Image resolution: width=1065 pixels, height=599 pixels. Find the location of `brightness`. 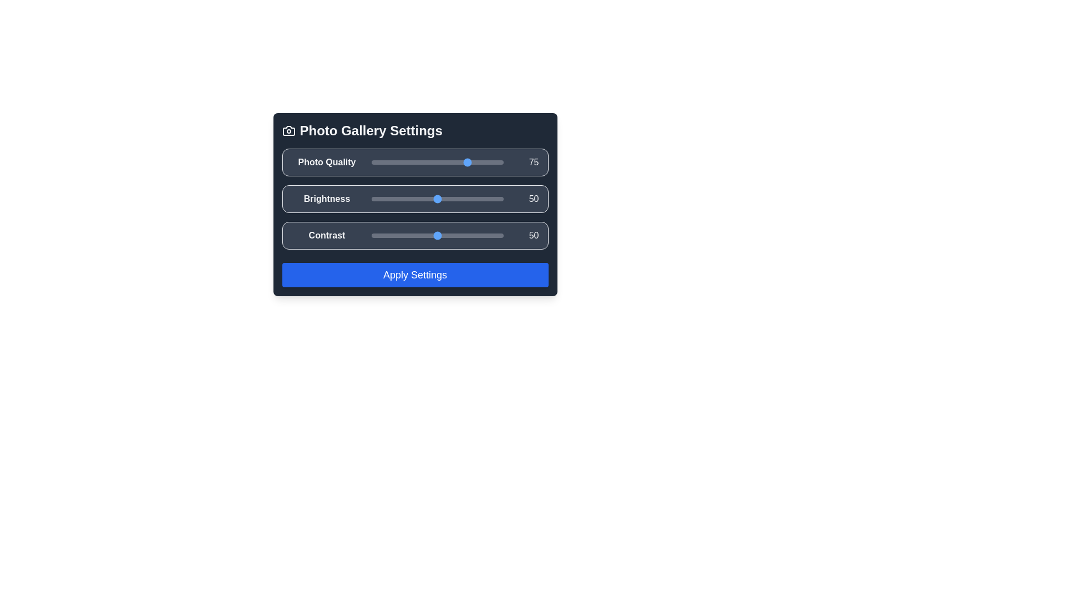

brightness is located at coordinates (388, 198).